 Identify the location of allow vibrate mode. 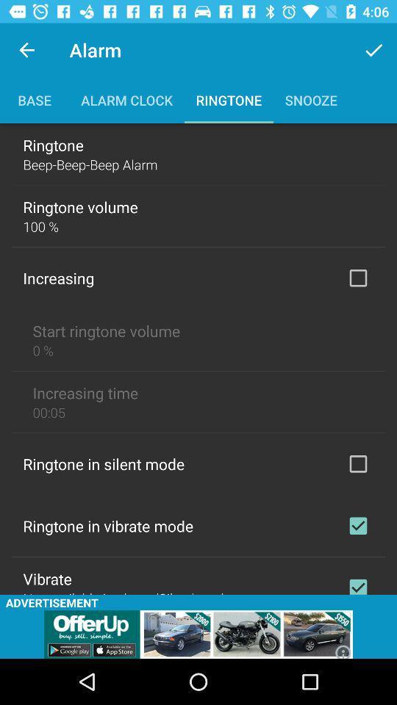
(357, 526).